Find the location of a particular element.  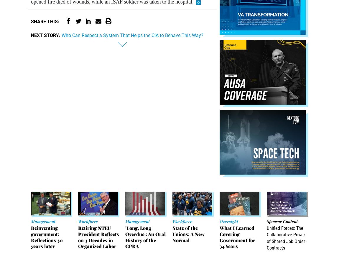

'sponsor content' is located at coordinates (282, 221).